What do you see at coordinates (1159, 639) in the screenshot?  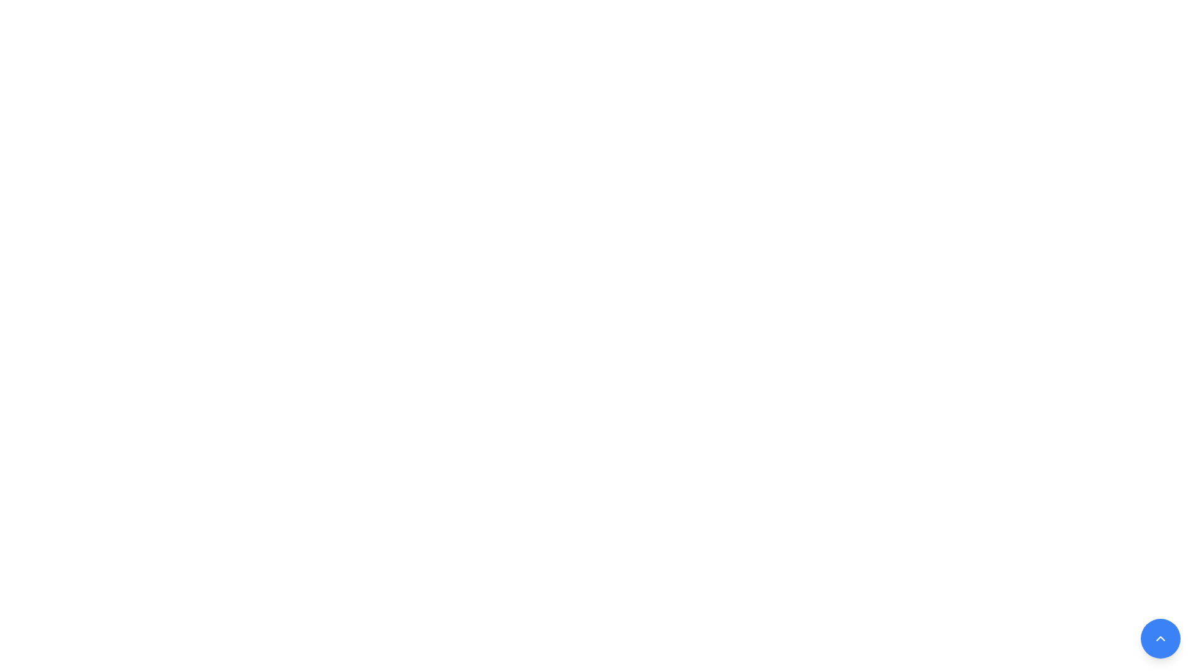 I see `the upward-pointing chevron icon with a blue circular background, located in the bottom-right corner of the interface` at bounding box center [1159, 639].